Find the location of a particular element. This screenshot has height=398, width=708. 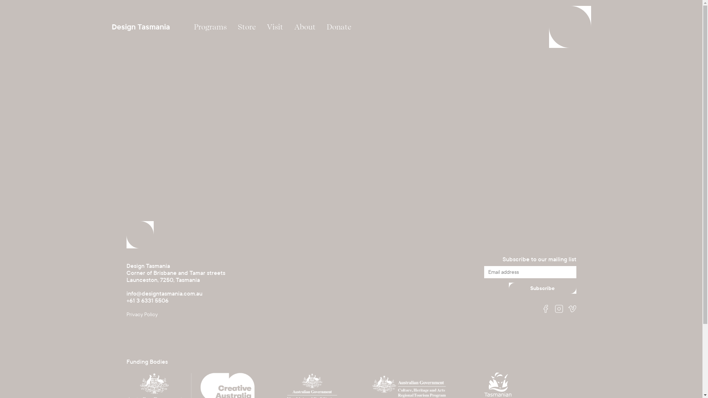

'Visit' is located at coordinates (274, 27).